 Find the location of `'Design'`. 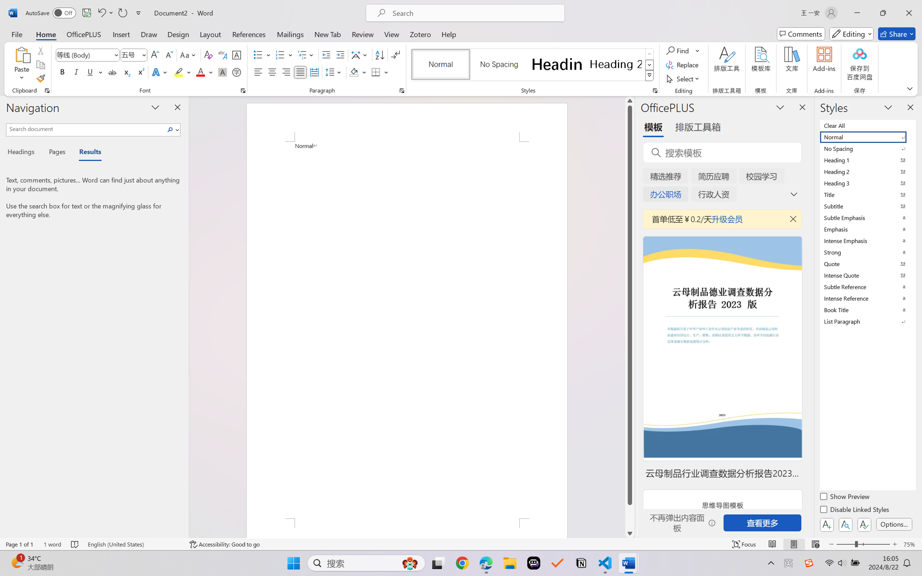

'Design' is located at coordinates (178, 34).